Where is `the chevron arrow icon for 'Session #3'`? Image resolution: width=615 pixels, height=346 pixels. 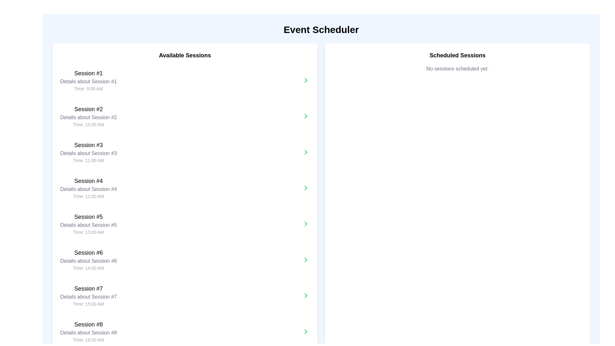 the chevron arrow icon for 'Session #3' is located at coordinates (306, 116).